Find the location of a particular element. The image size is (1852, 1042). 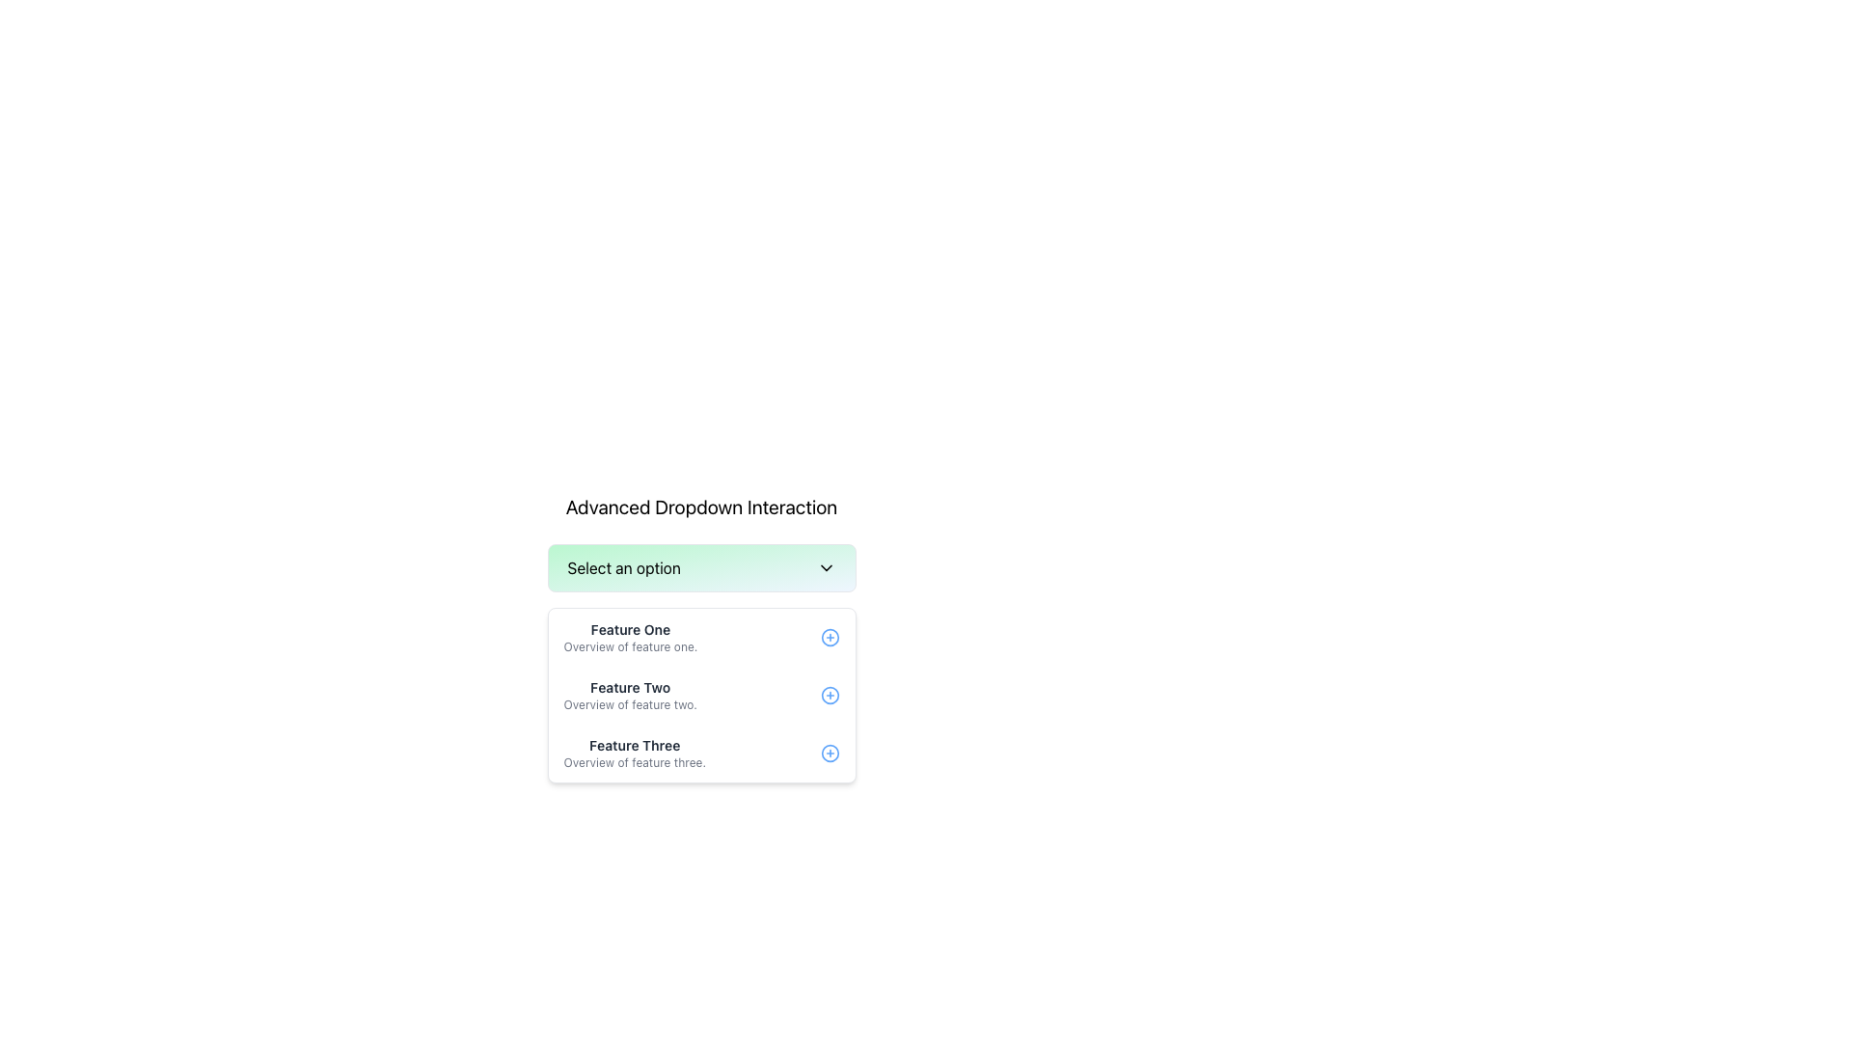

the icon button located in the right section of the row labeled 'Feature One' within the dropdown menu is located at coordinates (830, 637).